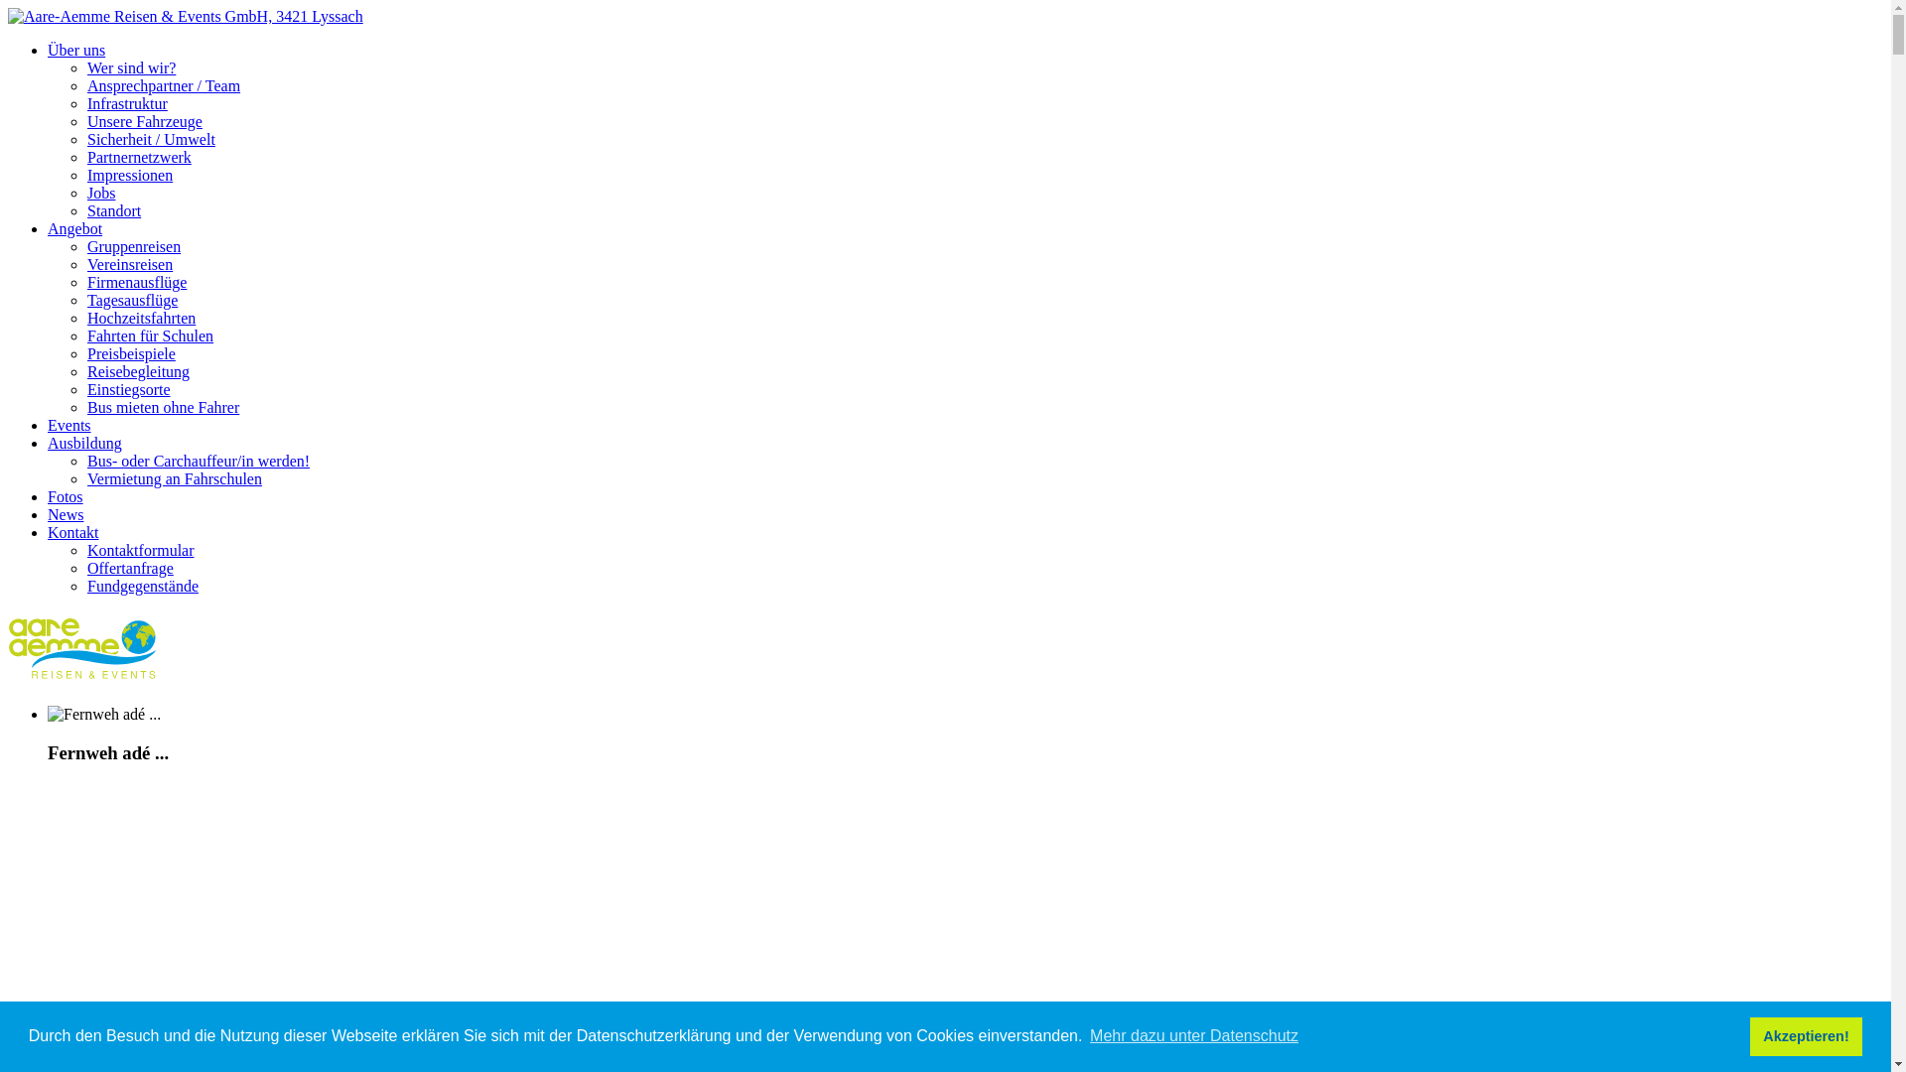 The width and height of the screenshot is (1906, 1072). I want to click on 'Kontakt', so click(72, 531).